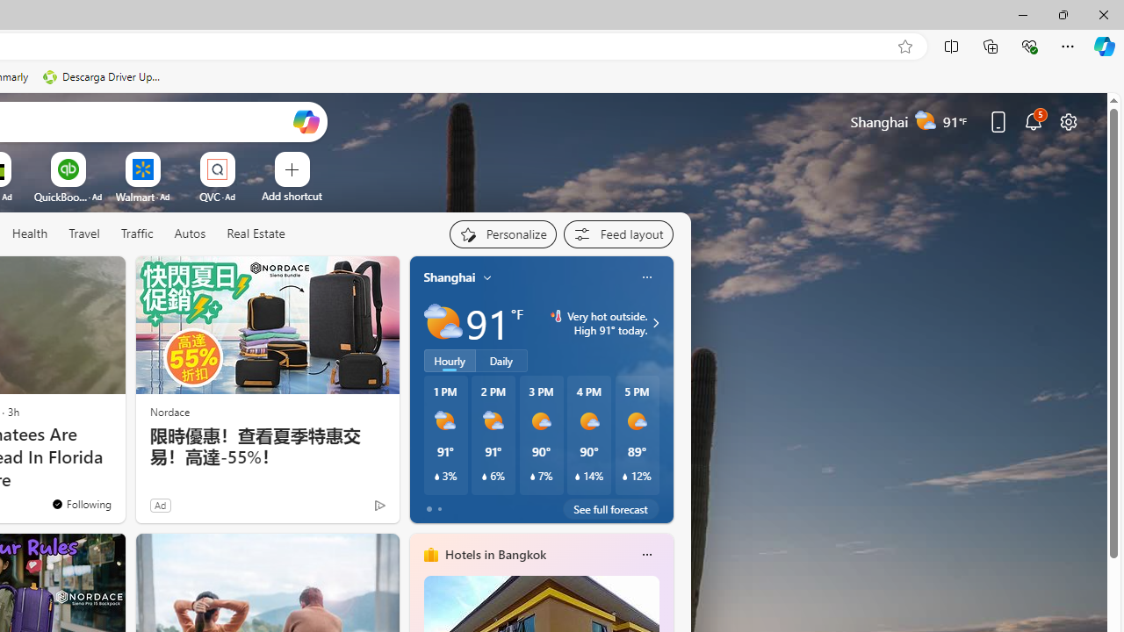 The height and width of the screenshot is (632, 1124). Describe the element at coordinates (1067, 120) in the screenshot. I see `'Page settings'` at that location.